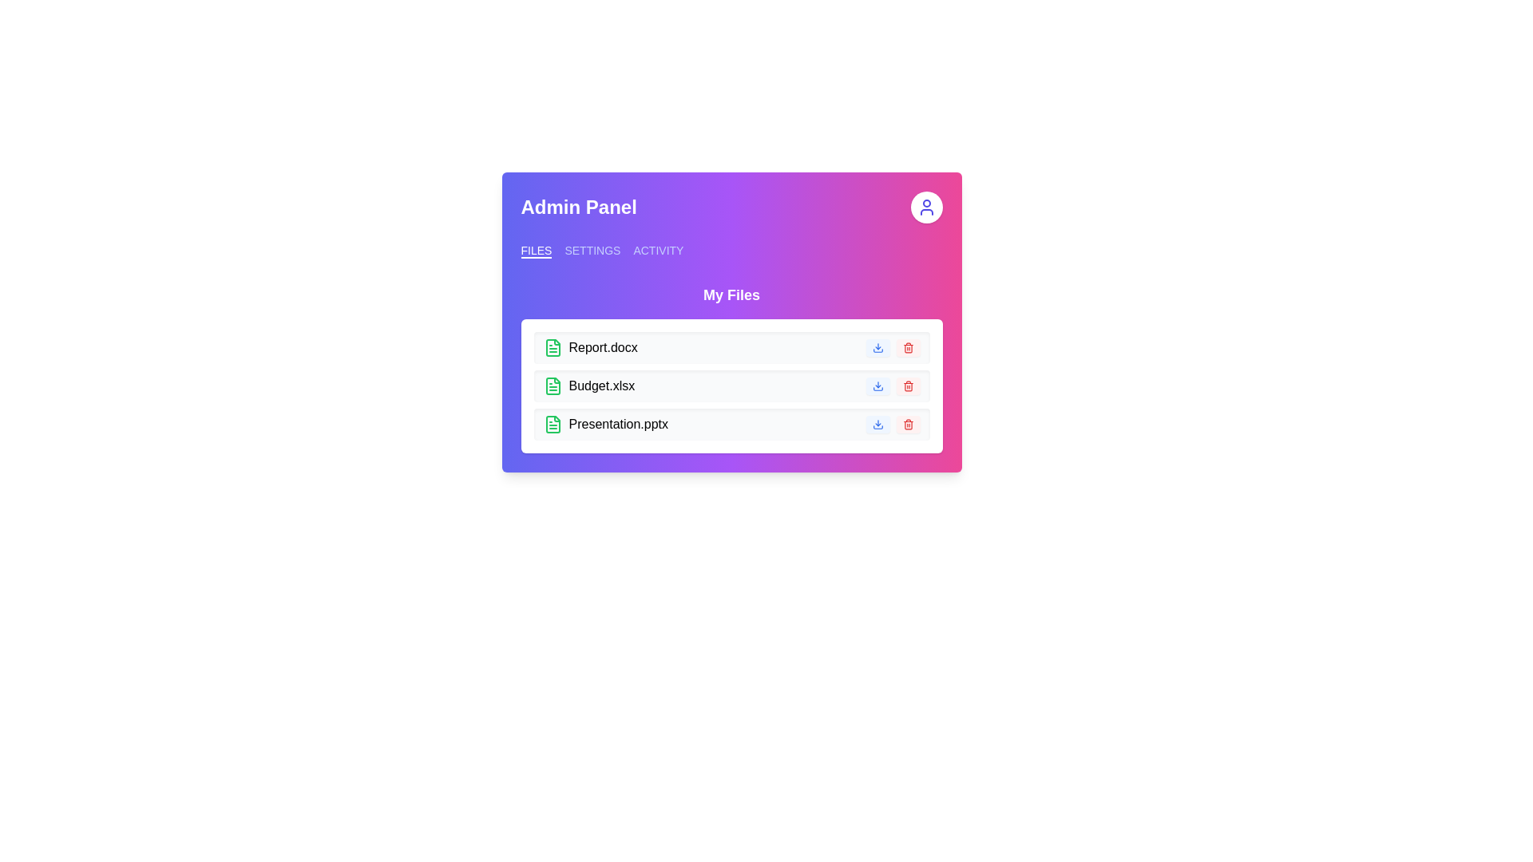  I want to click on the Text Label that serves as the title or heading of the page, located at the top left corner of the header section, so click(578, 206).